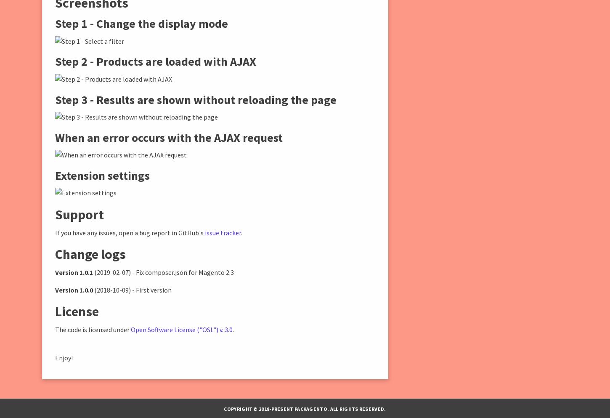 The width and height of the screenshot is (610, 418). I want to click on 'Support', so click(79, 214).